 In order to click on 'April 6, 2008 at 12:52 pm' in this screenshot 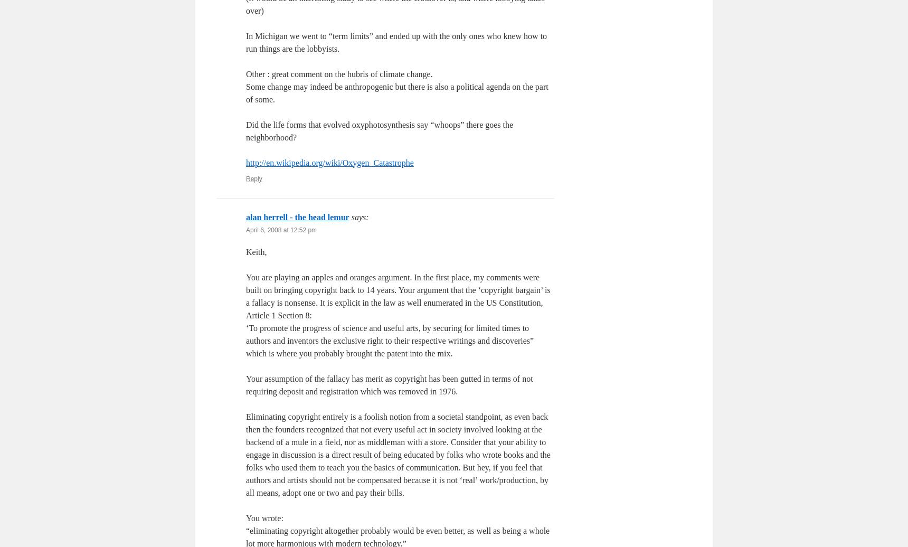, I will do `click(281, 230)`.